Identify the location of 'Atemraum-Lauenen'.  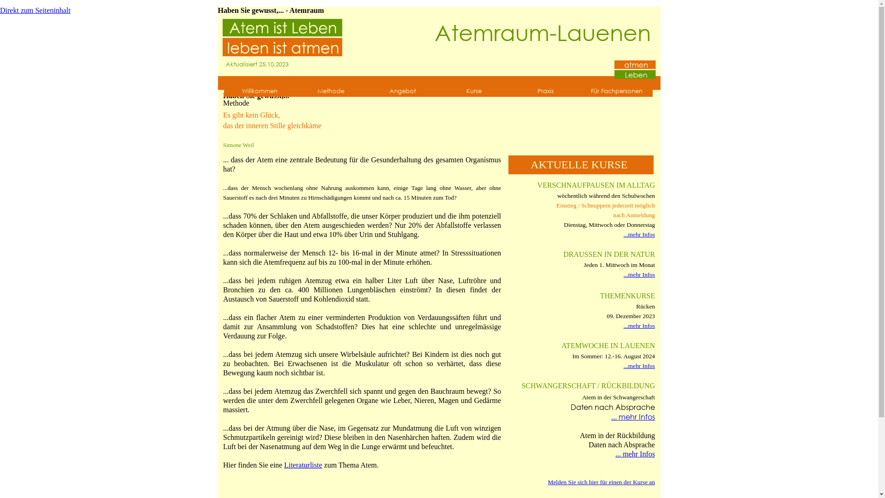
(543, 31).